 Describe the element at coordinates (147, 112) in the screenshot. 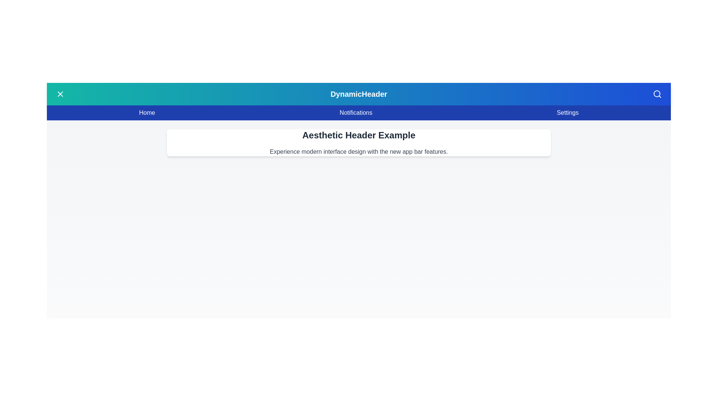

I see `the 'Home' menu item in the navigation bar` at that location.